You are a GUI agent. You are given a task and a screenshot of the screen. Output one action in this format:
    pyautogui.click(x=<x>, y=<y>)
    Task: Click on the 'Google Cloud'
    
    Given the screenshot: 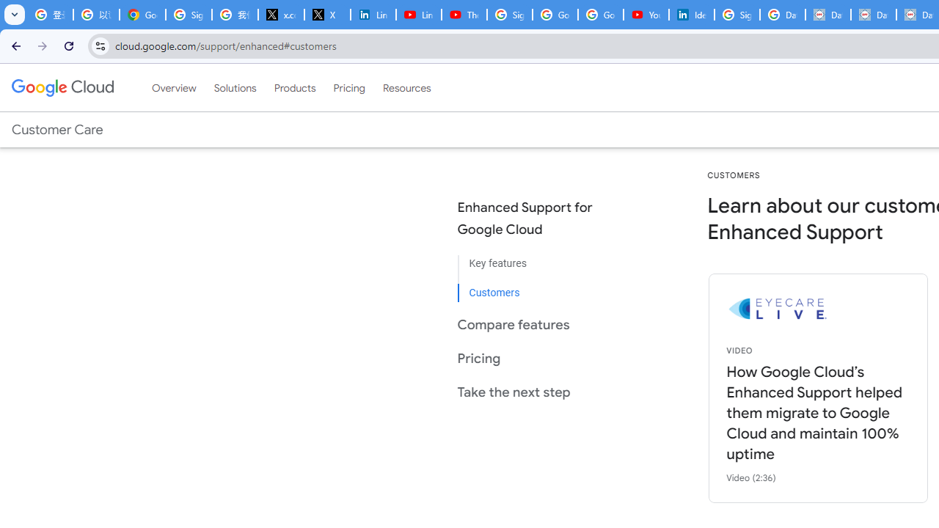 What is the action you would take?
    pyautogui.click(x=62, y=87)
    